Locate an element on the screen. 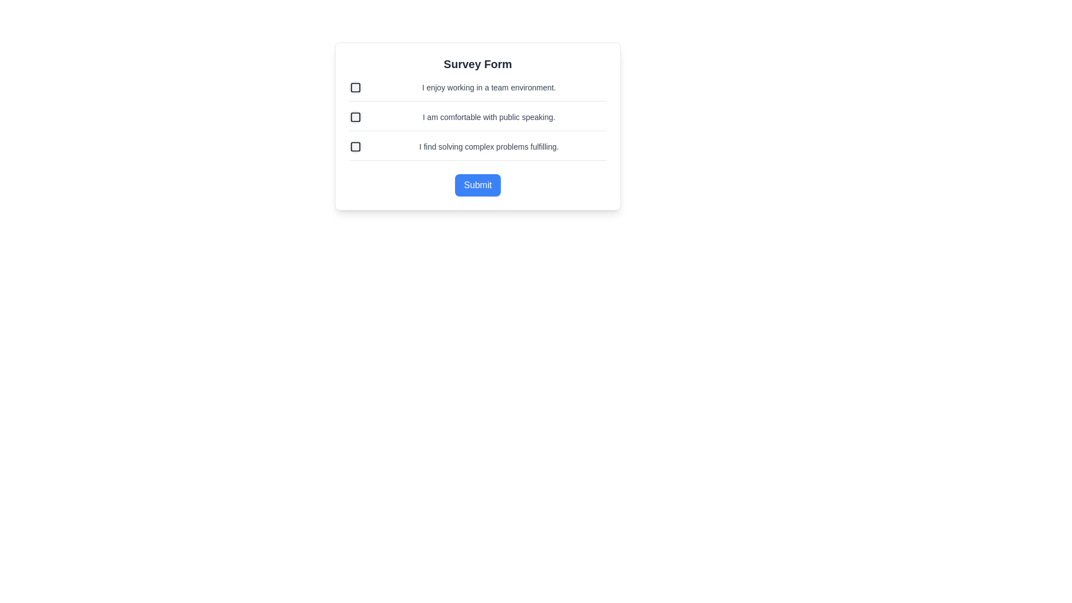 This screenshot has width=1072, height=603. the checkbox is located at coordinates (477, 90).